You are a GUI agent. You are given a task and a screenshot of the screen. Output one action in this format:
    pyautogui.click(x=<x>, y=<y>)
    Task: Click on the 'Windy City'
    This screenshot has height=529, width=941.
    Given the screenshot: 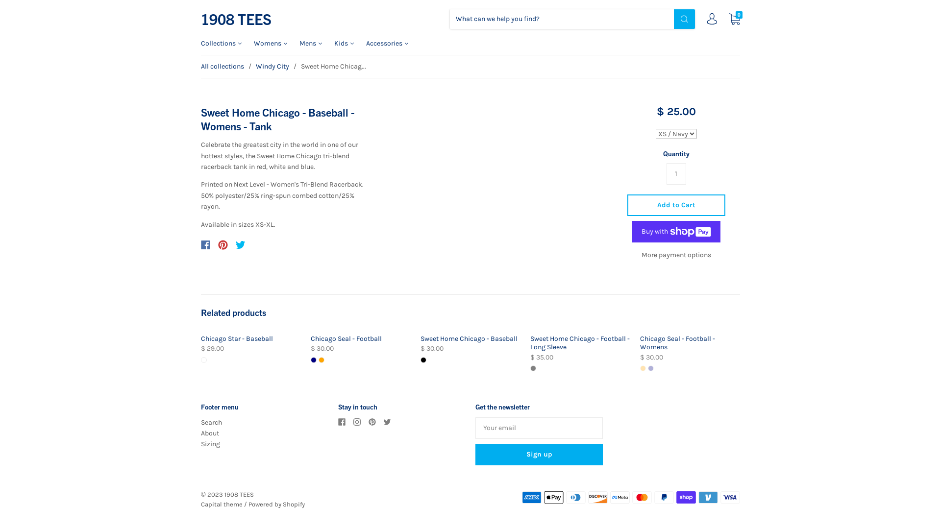 What is the action you would take?
    pyautogui.click(x=272, y=66)
    